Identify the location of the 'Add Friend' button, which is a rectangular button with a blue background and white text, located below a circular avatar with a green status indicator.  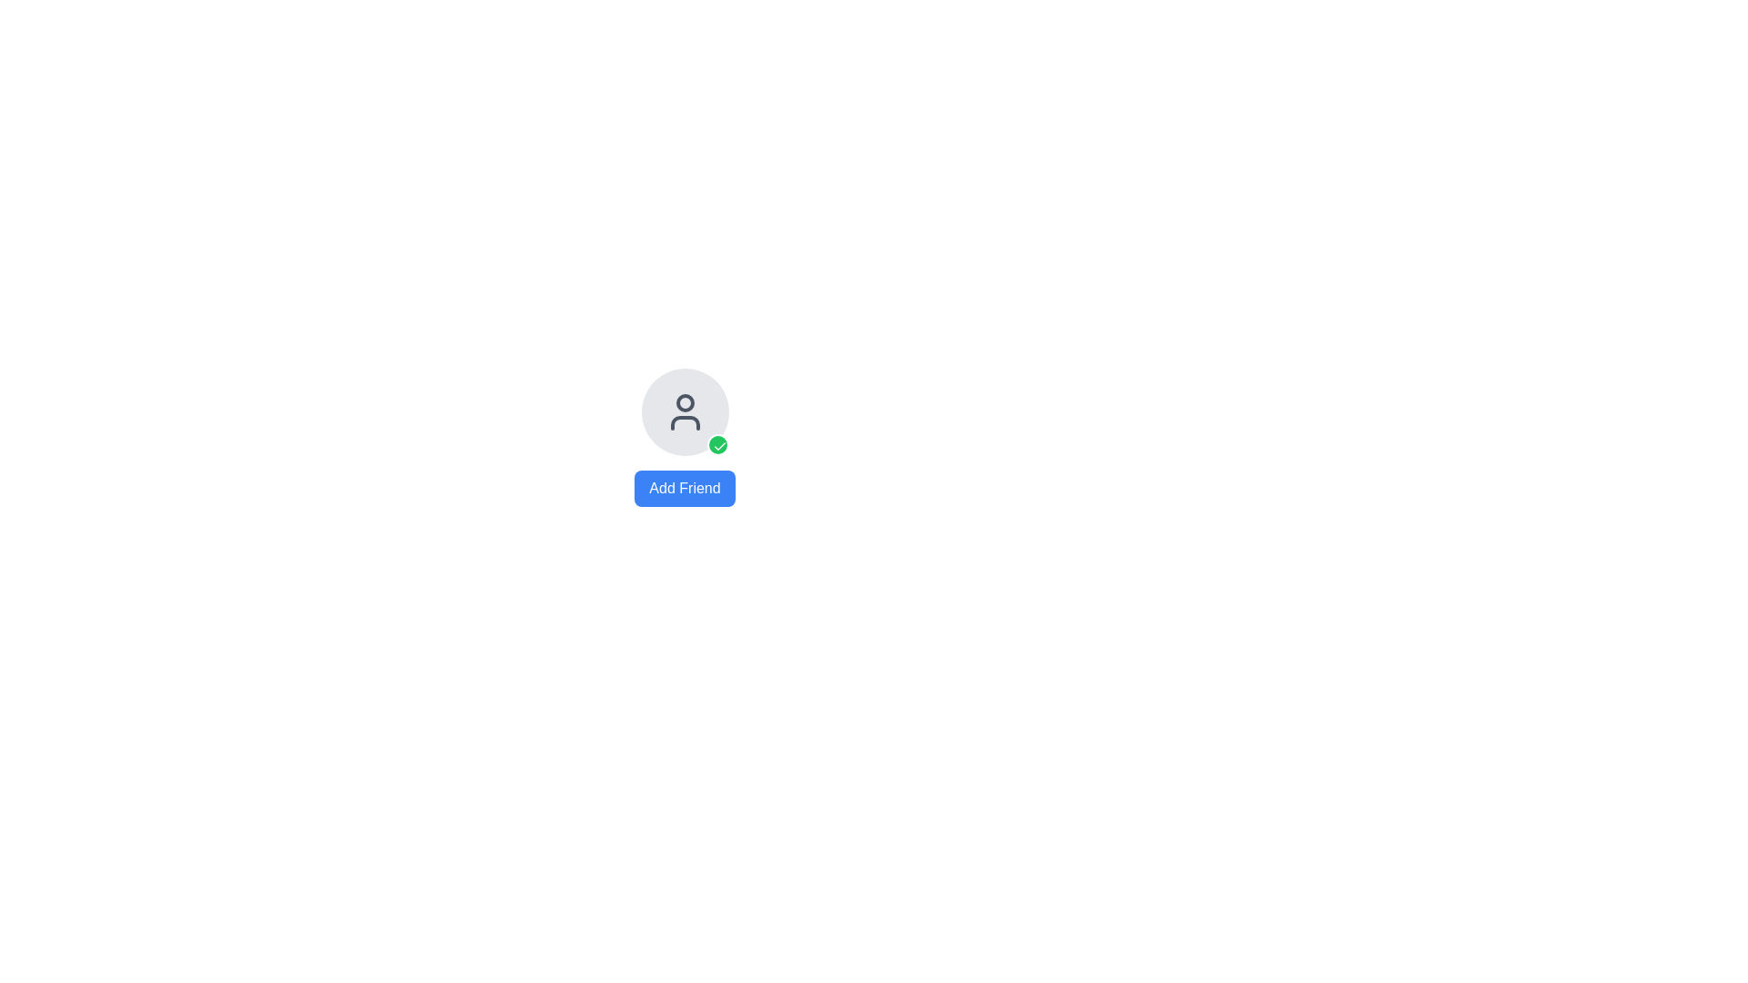
(684, 487).